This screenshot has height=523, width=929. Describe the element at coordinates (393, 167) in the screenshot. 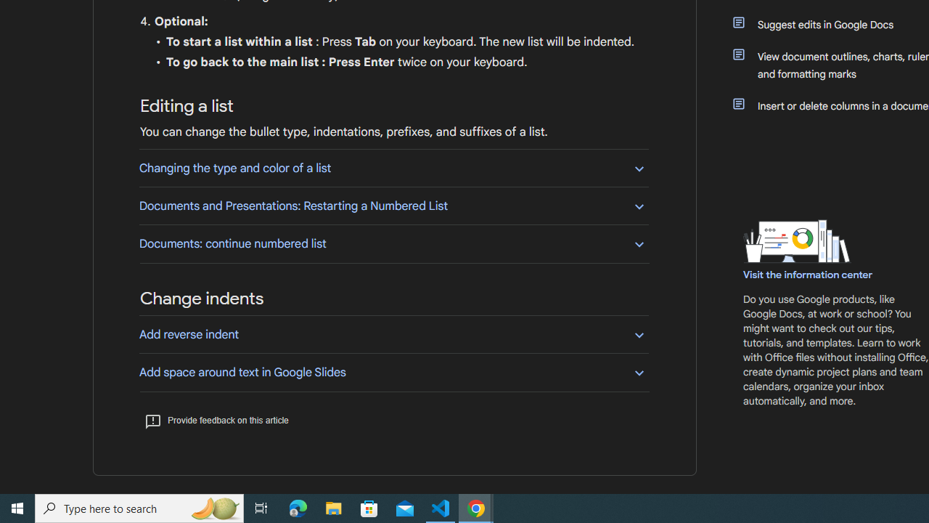

I see `'Changing the type and color of a list'` at that location.